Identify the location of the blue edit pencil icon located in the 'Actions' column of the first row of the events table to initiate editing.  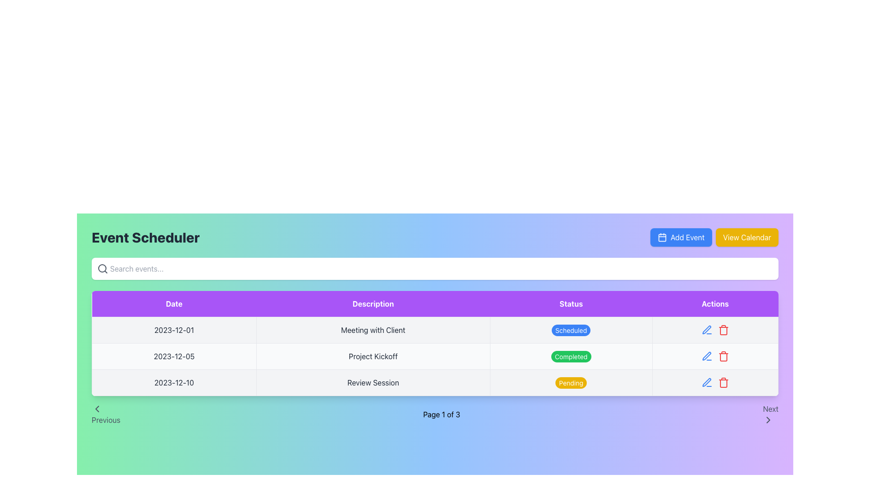
(714, 330).